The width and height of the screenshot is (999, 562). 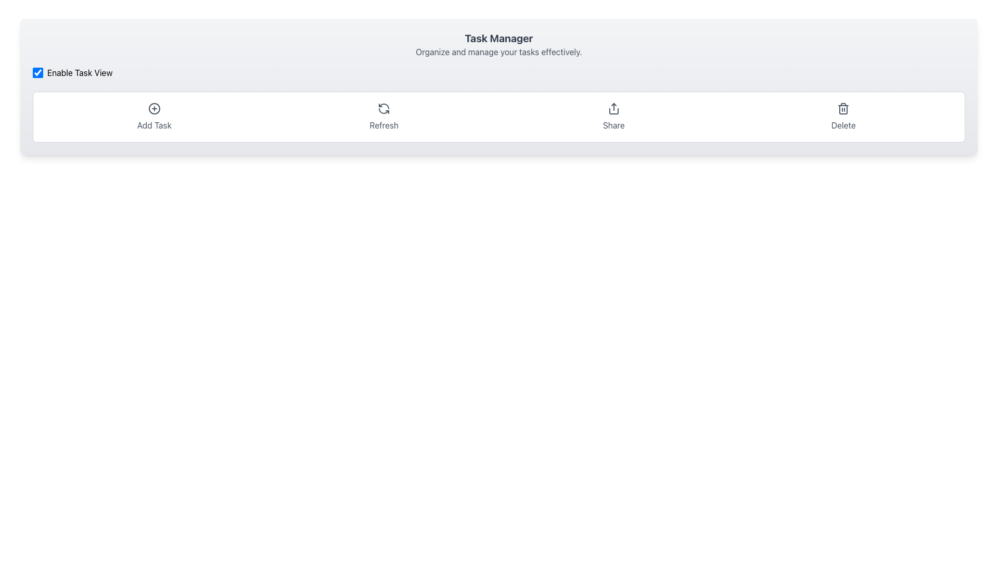 What do you see at coordinates (153, 108) in the screenshot?
I see `the Circle SVG element that indicates the addition of tasks within the 'Add Task' button` at bounding box center [153, 108].